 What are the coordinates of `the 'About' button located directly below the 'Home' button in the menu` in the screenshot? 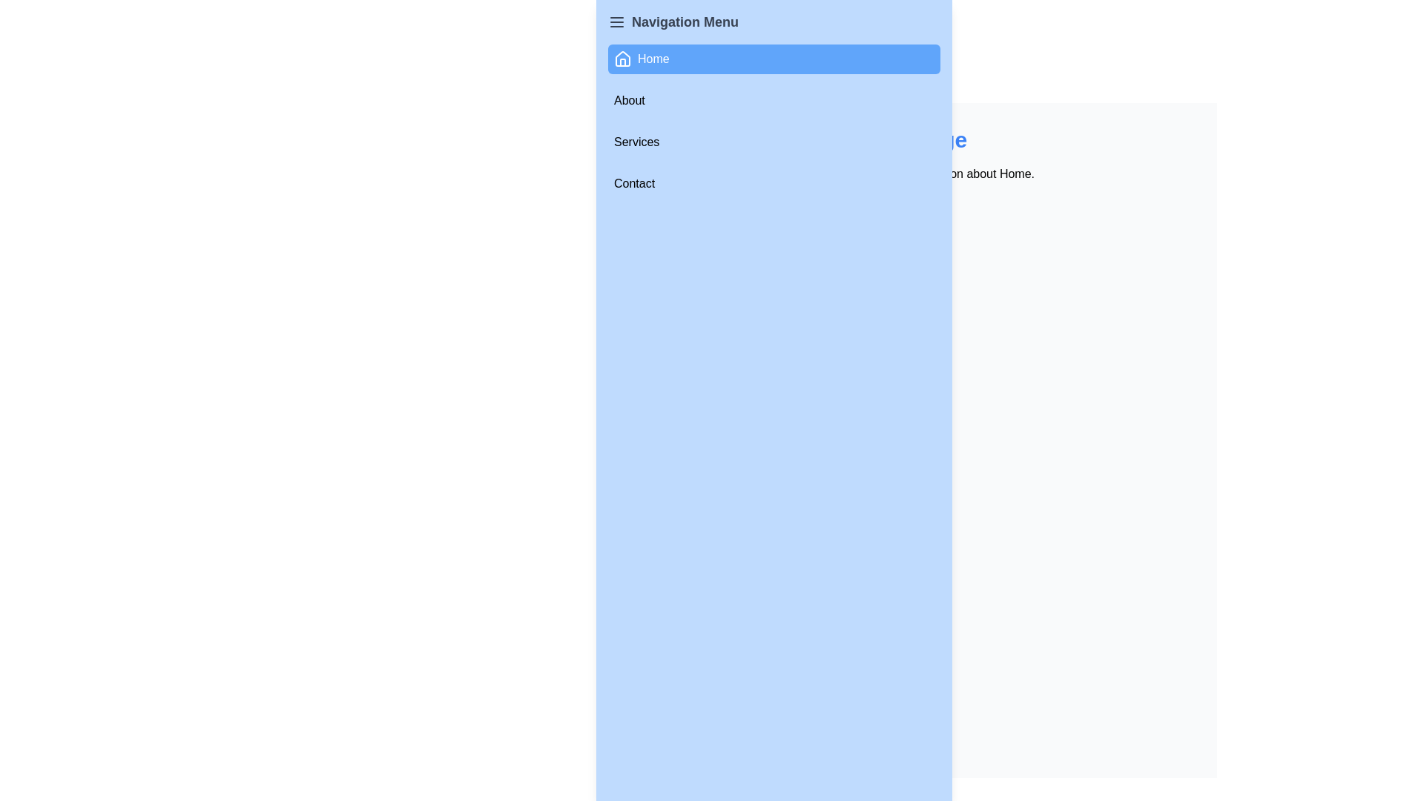 It's located at (773, 100).